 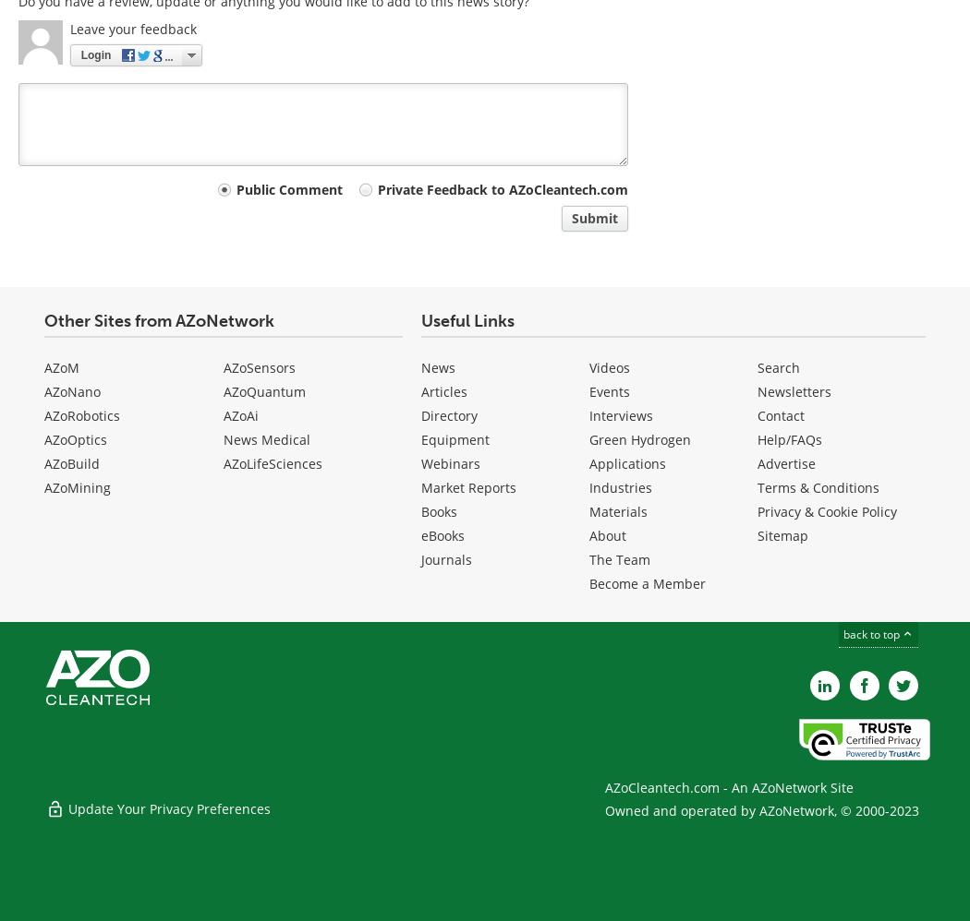 What do you see at coordinates (825, 510) in the screenshot?
I see `'Privacy & Cookie Policy'` at bounding box center [825, 510].